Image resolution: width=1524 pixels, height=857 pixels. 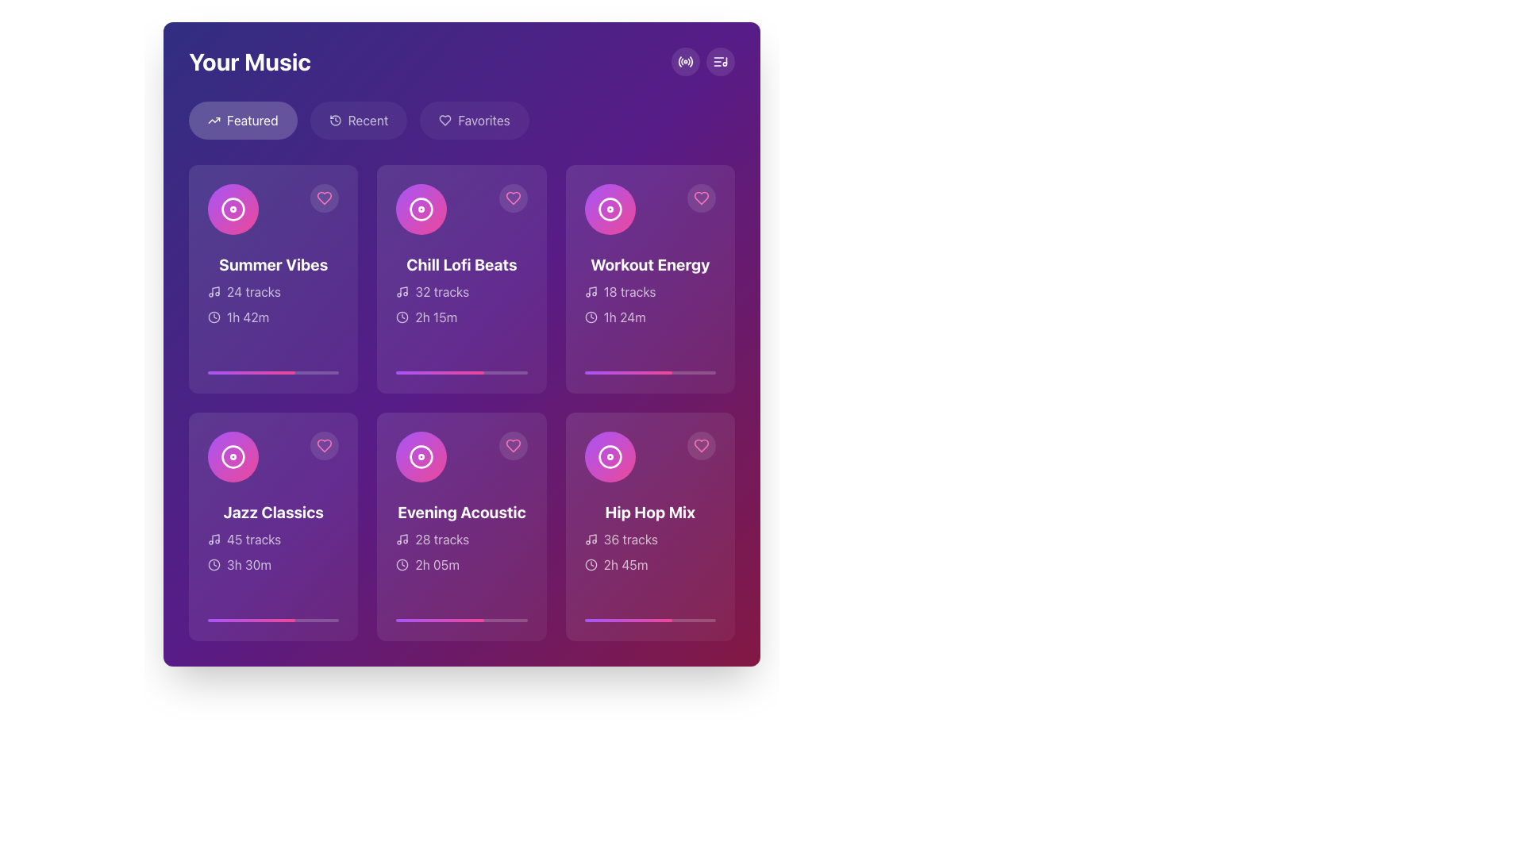 I want to click on the Graphic Icon representing the 'Chill Lofi Beats' card theme, which is located in the top-middle card of the grid layout, so click(x=421, y=208).